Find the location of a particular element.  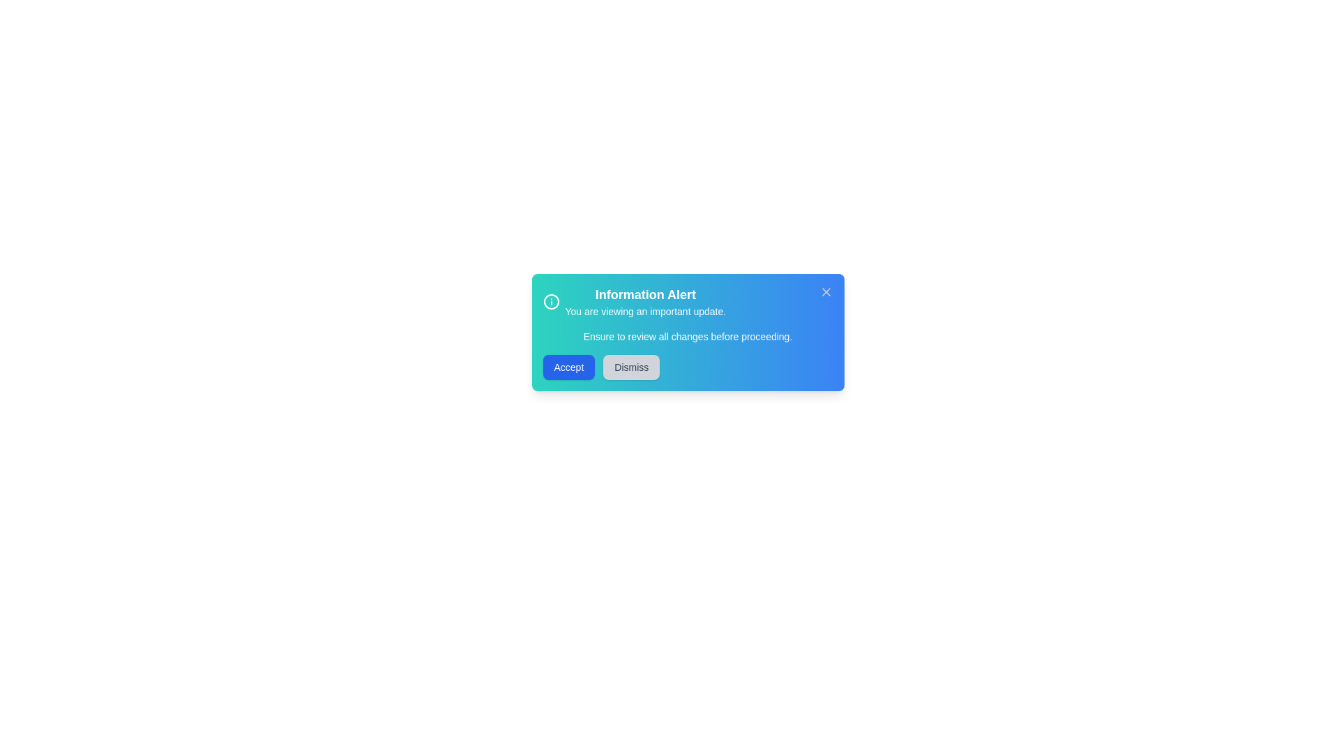

the 'Dismiss' button to dismiss the alert is located at coordinates (630, 367).